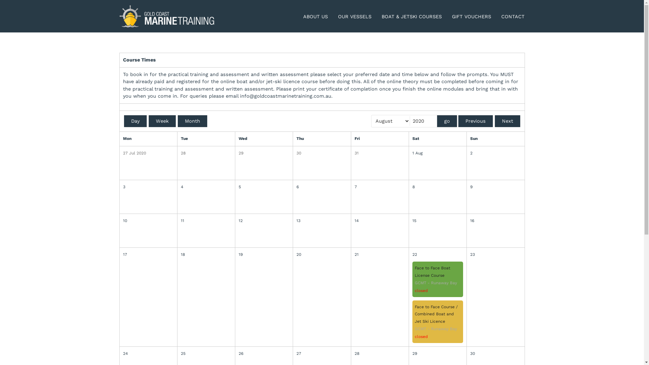  What do you see at coordinates (192, 121) in the screenshot?
I see `'Month'` at bounding box center [192, 121].